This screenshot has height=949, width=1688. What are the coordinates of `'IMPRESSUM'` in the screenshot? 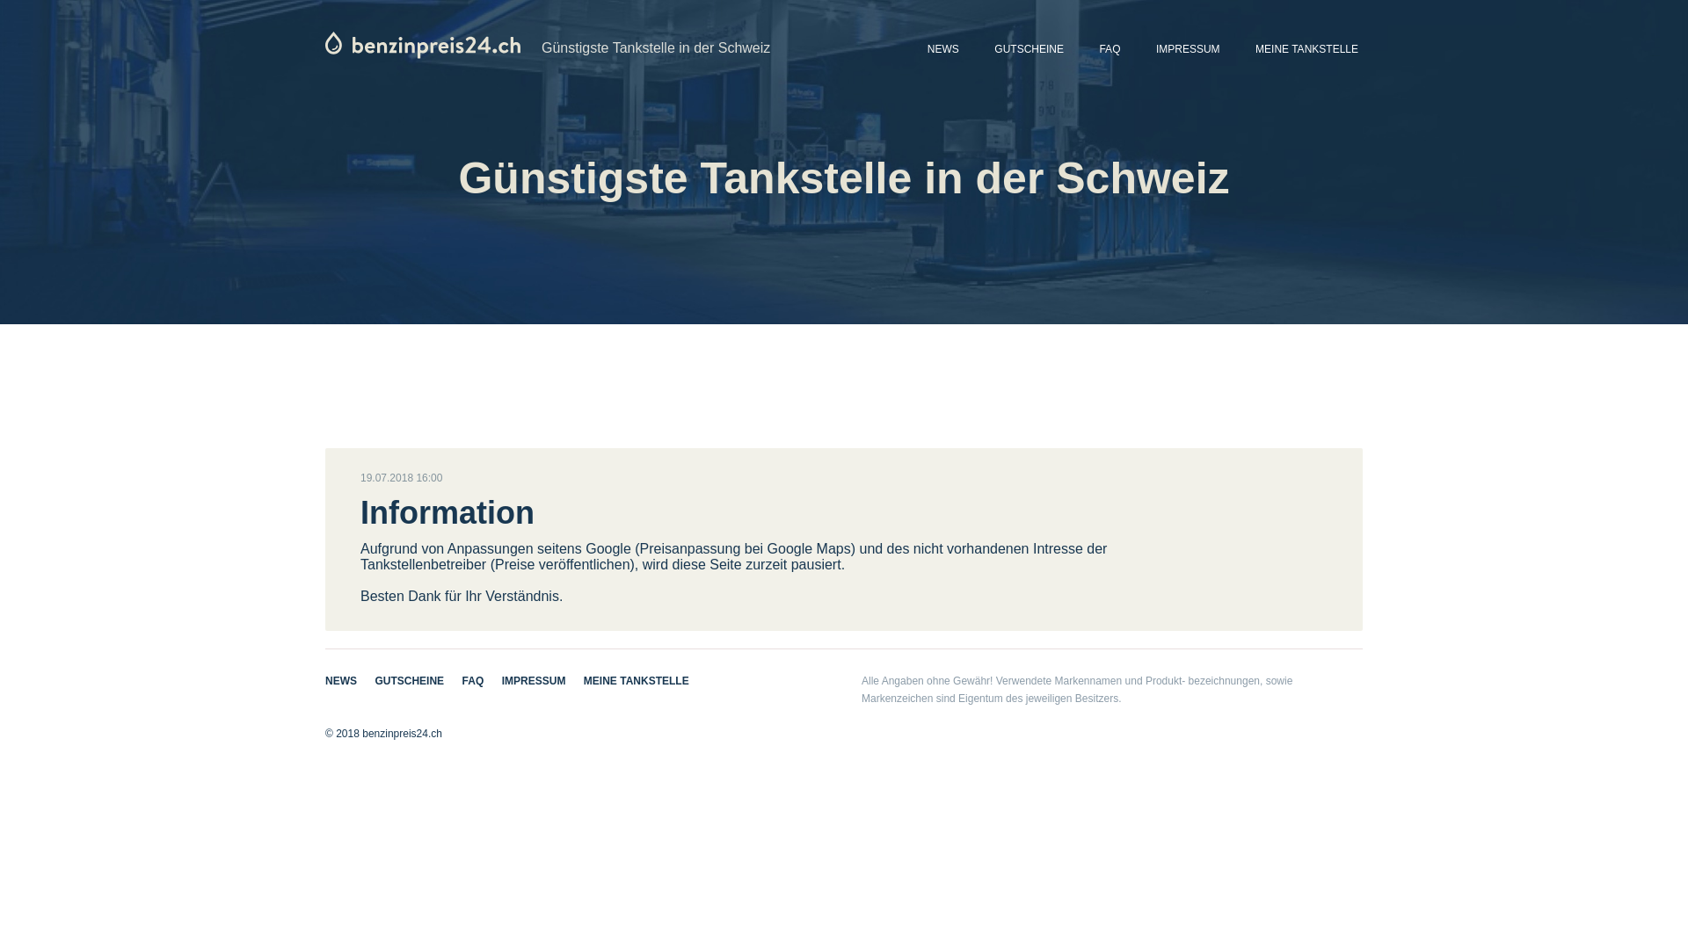 It's located at (1188, 49).